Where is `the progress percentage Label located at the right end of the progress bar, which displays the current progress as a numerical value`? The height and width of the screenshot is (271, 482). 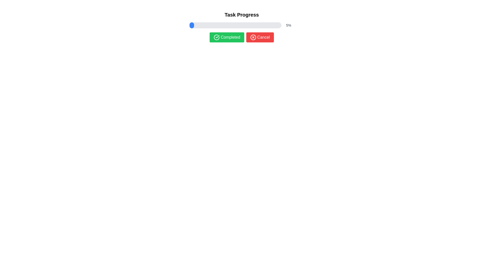 the progress percentage Label located at the right end of the progress bar, which displays the current progress as a numerical value is located at coordinates (288, 25).